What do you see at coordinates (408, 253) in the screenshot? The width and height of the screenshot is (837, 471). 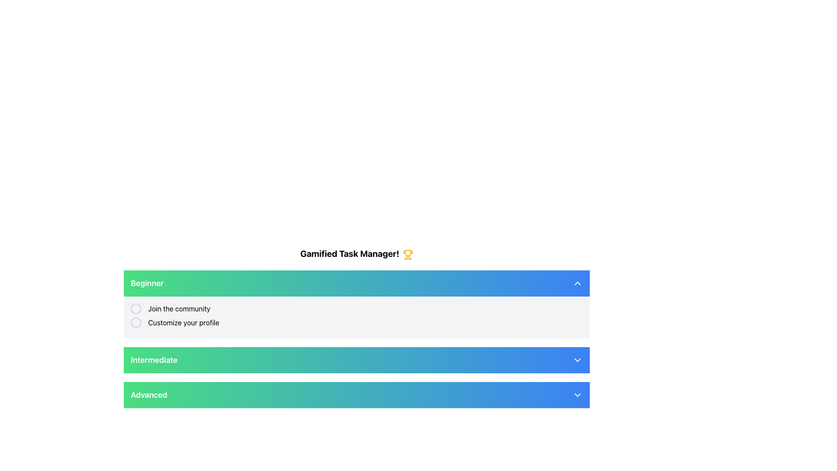 I see `the non-interactive graphic element that forms the body of the trophy icon located in the central part of the SVG, near the header section of the interface, to the right of the title 'Gamified Task Manager!'` at bounding box center [408, 253].